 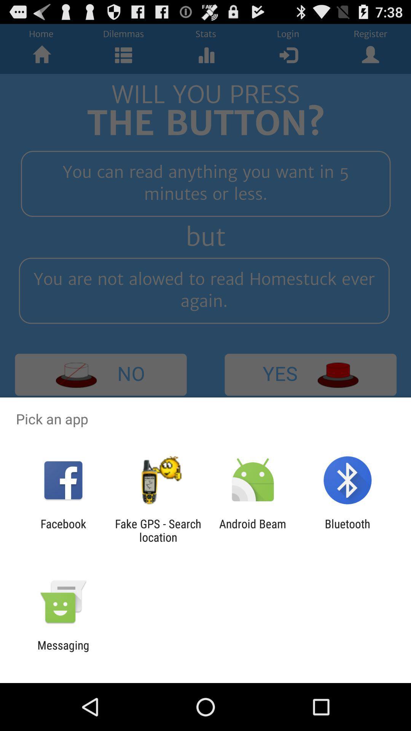 What do you see at coordinates (63, 530) in the screenshot?
I see `the facebook icon` at bounding box center [63, 530].